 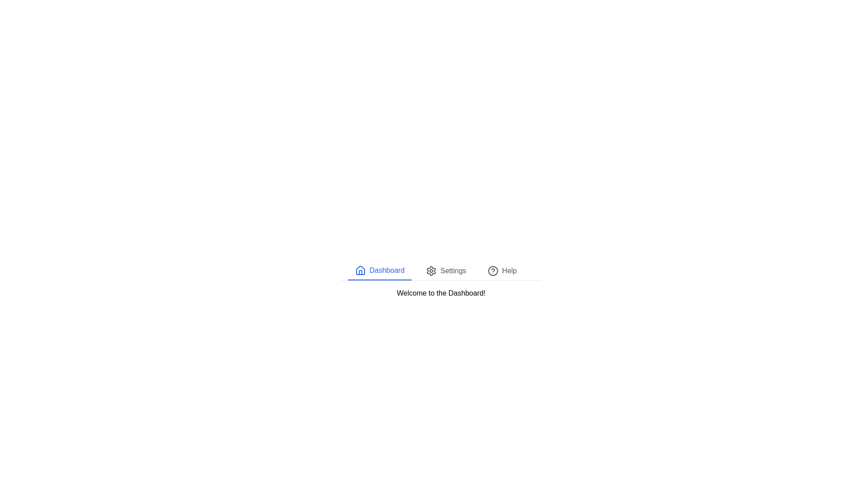 I want to click on the Dashboard tab to switch the displayed content, so click(x=380, y=270).